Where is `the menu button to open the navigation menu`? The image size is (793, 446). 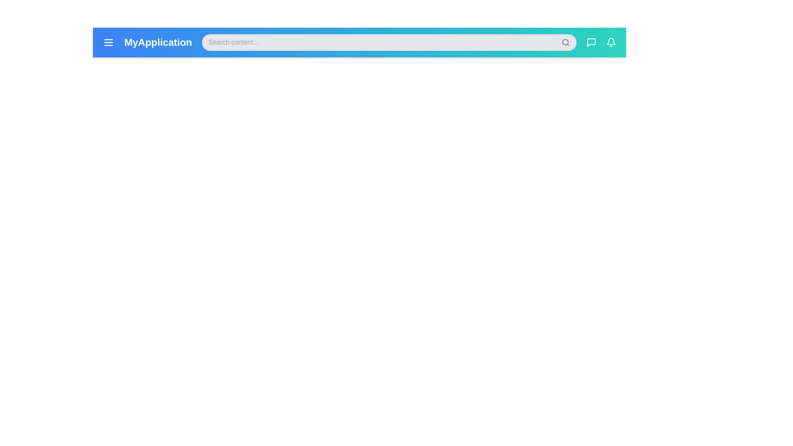
the menu button to open the navigation menu is located at coordinates (108, 43).